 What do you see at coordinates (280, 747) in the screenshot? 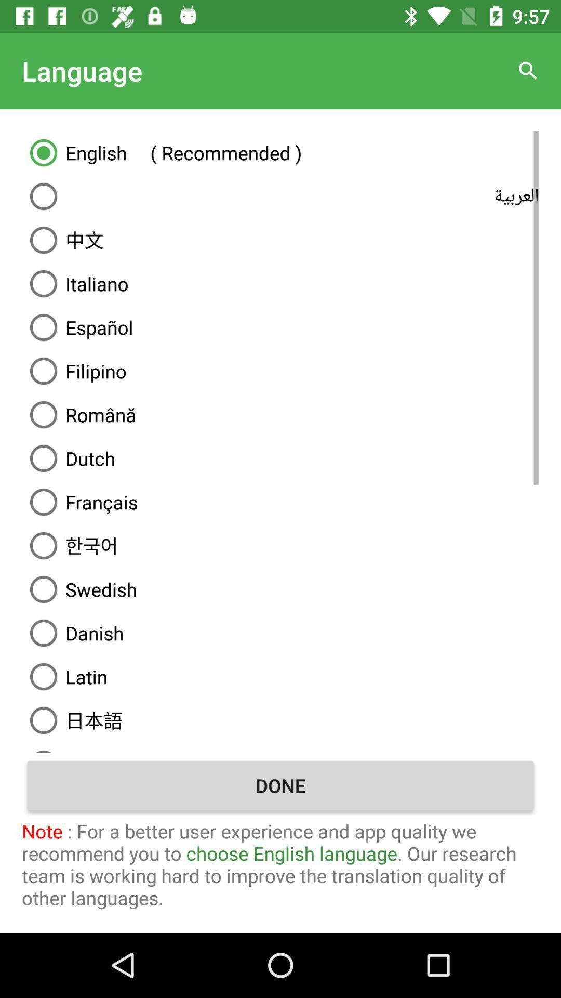
I see `the item above the done` at bounding box center [280, 747].